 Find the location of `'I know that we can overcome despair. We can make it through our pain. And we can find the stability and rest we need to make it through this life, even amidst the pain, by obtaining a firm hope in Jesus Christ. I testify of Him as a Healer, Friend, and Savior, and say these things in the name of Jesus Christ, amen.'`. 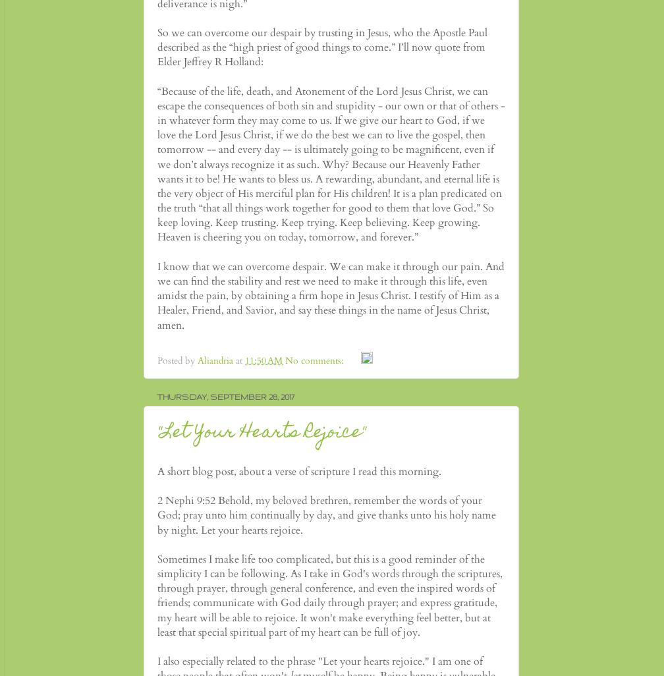

'I know that we can overcome despair. We can make it through our pain. And we can find the stability and rest we need to make it through this life, even amidst the pain, by obtaining a firm hope in Jesus Christ. I testify of Him as a Healer, Friend, and Savior, and say these things in the name of Jesus Christ, amen.' is located at coordinates (331, 295).